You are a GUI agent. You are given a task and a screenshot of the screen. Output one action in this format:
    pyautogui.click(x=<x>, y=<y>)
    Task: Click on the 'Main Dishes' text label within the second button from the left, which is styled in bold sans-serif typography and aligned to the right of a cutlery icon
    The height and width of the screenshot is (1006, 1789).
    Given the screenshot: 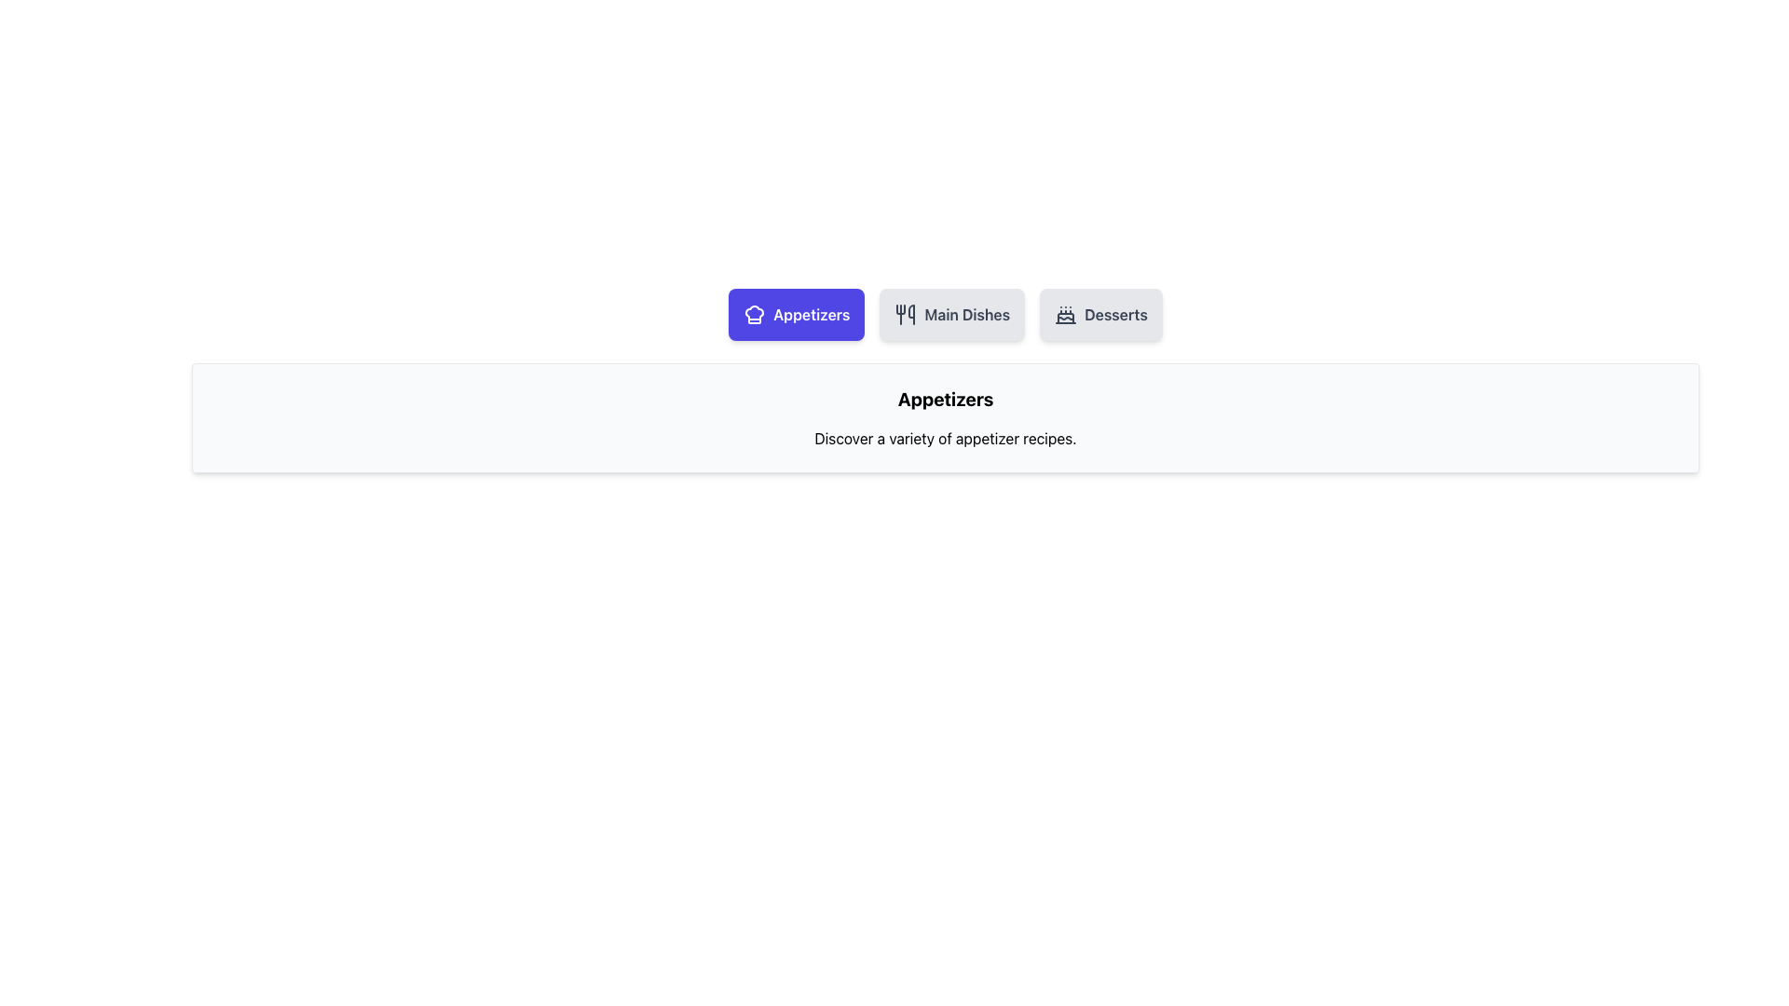 What is the action you would take?
    pyautogui.click(x=967, y=314)
    